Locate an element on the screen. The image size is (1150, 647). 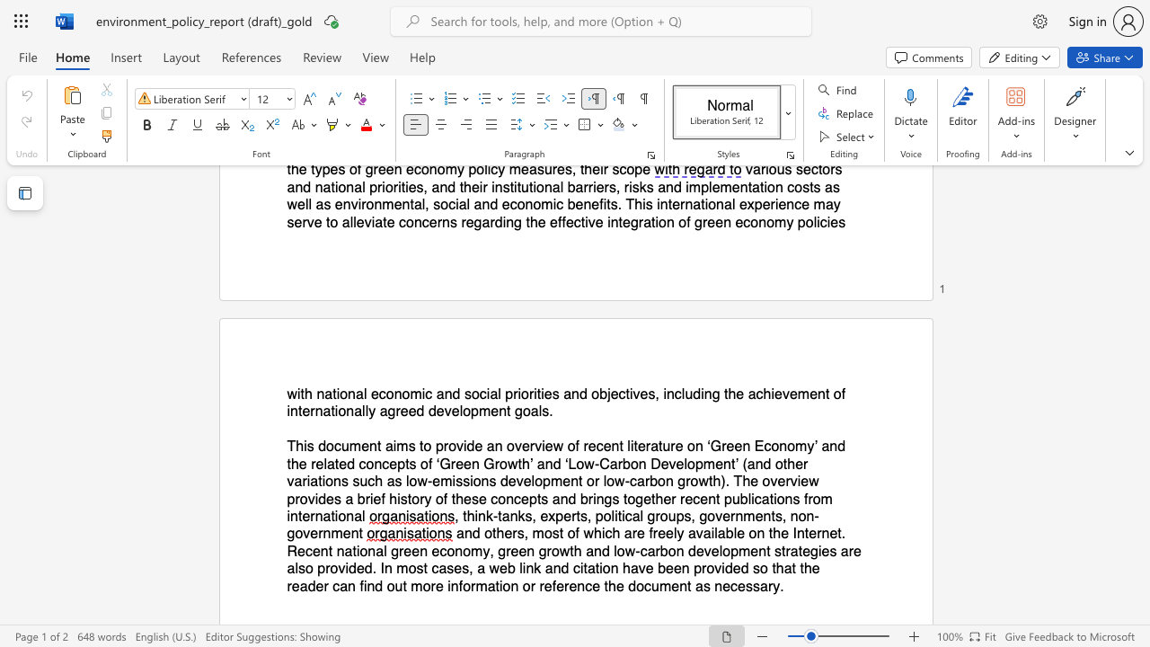
the subset text "een Growth’ and ‘Low‐Carbon Development’ (and other variations such as low‐emissions development or low‐carbon growth). The ov" within the text "This document aims to provide an overview of recent literature on ‘Green Economy’ and the related concepts of ‘Green Growth’ and ‘Low‐Carbon Development’ (and other variations such as low‐emissions development or low‐carbon growth). The overview provides a brief history of these concepts and brings together recent publications from international" is located at coordinates (456, 463).